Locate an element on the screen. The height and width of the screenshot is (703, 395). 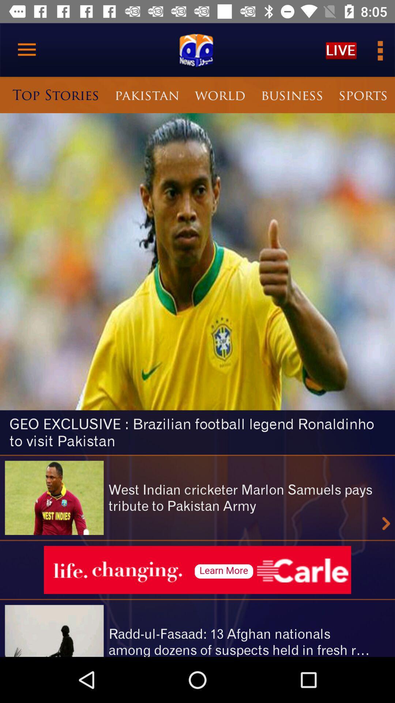
the more details is located at coordinates (379, 49).